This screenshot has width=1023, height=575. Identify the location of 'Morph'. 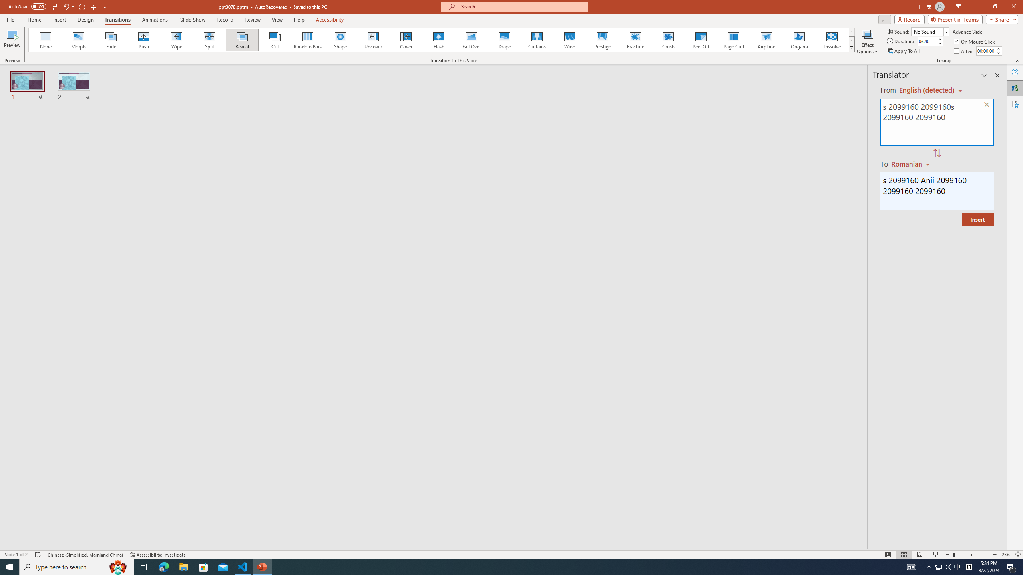
(78, 40).